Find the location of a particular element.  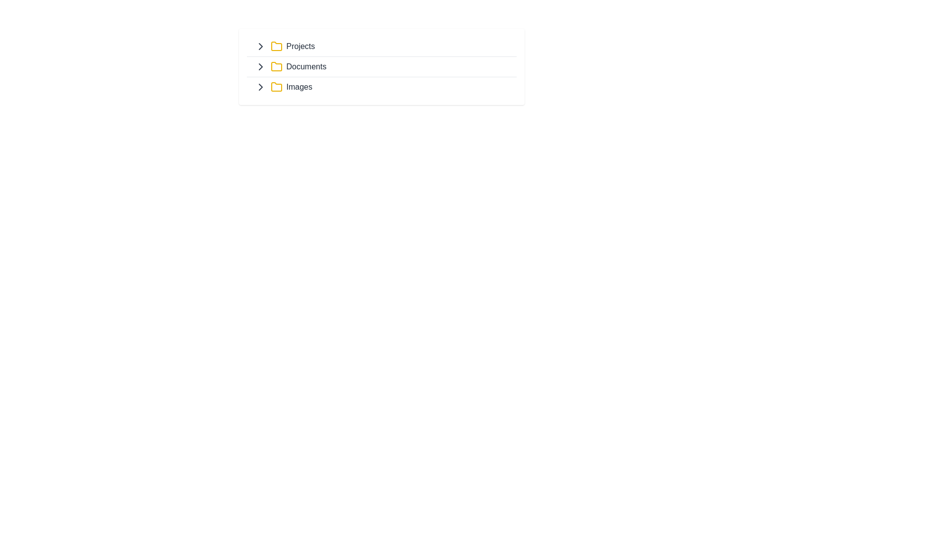

the yellow folder icon with rounded corners located next to the text 'Images', which is the third icon in a vertical list of three is located at coordinates (276, 87).